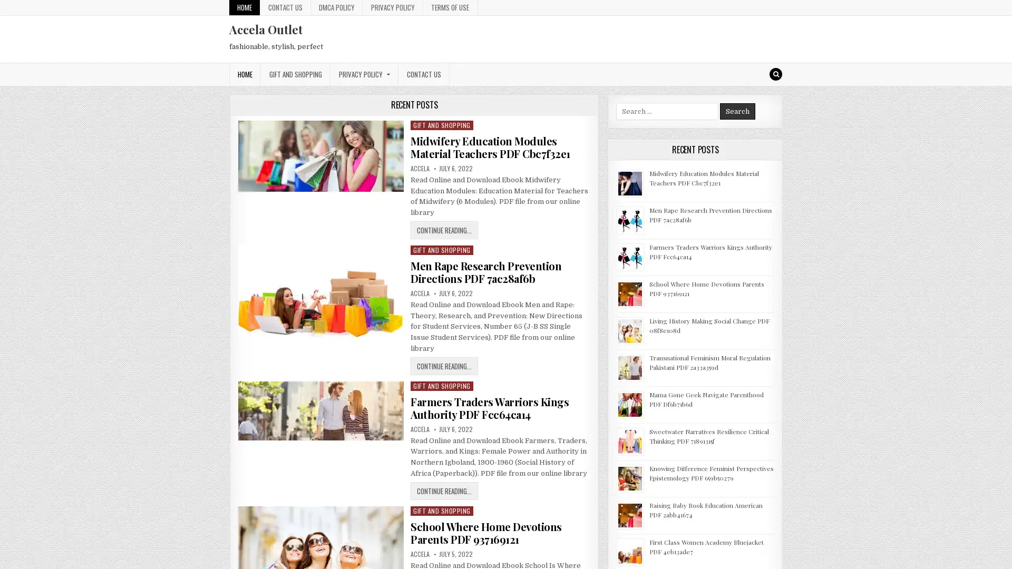 Image resolution: width=1012 pixels, height=569 pixels. I want to click on Search, so click(737, 111).